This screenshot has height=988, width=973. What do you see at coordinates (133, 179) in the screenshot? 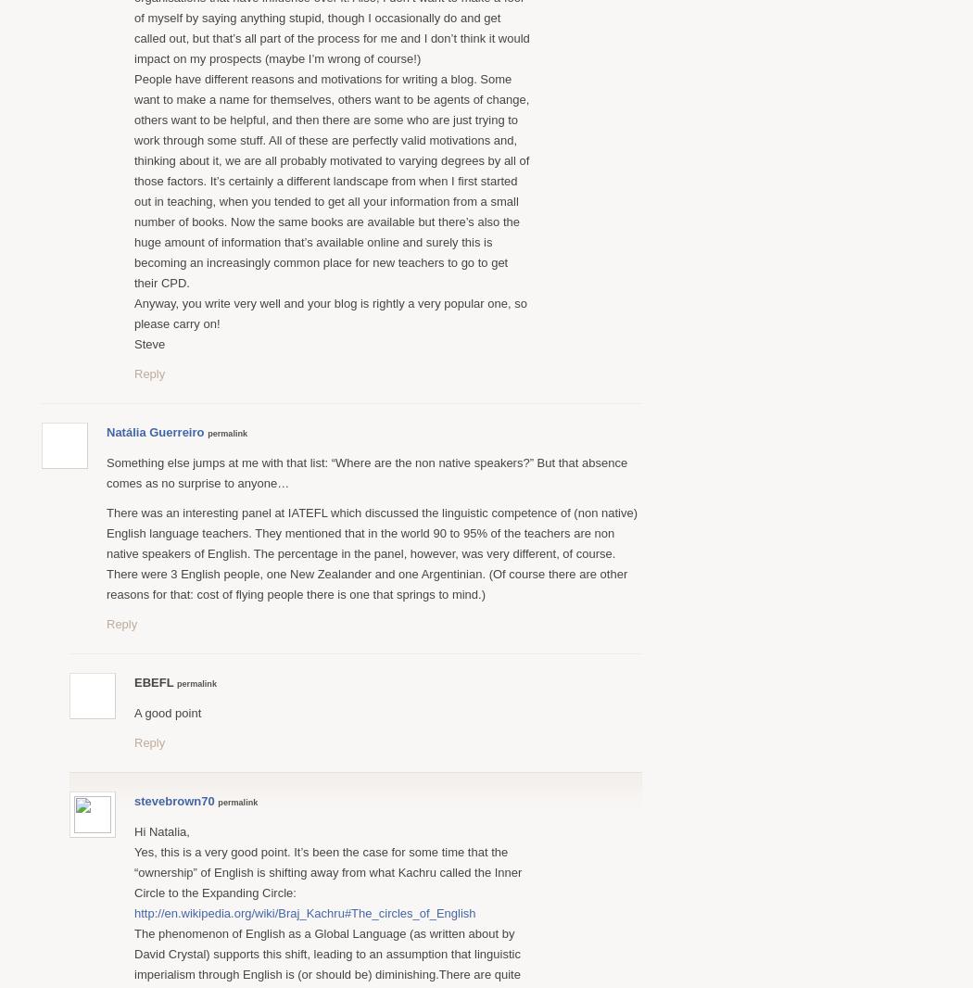
I see `'People have different reasons and motivations for writing a blog. Some want to make a name for themselves, others want to be agents of change, others want to be helpful, and then there are some who are just trying to work through some stuff. All of these are perfectly valid motivations and, thinking about it, we are all probably motivated to varying degrees by all of those factors. It’s certainly a different landscape from when I first started out in teaching, when you tended to get all your information from a small number of books. Now the same books are available but there’s also the huge amount of information that’s available online and surely this is becoming an increasingly common place for new teachers to go to get their CPD.'` at bounding box center [133, 179].